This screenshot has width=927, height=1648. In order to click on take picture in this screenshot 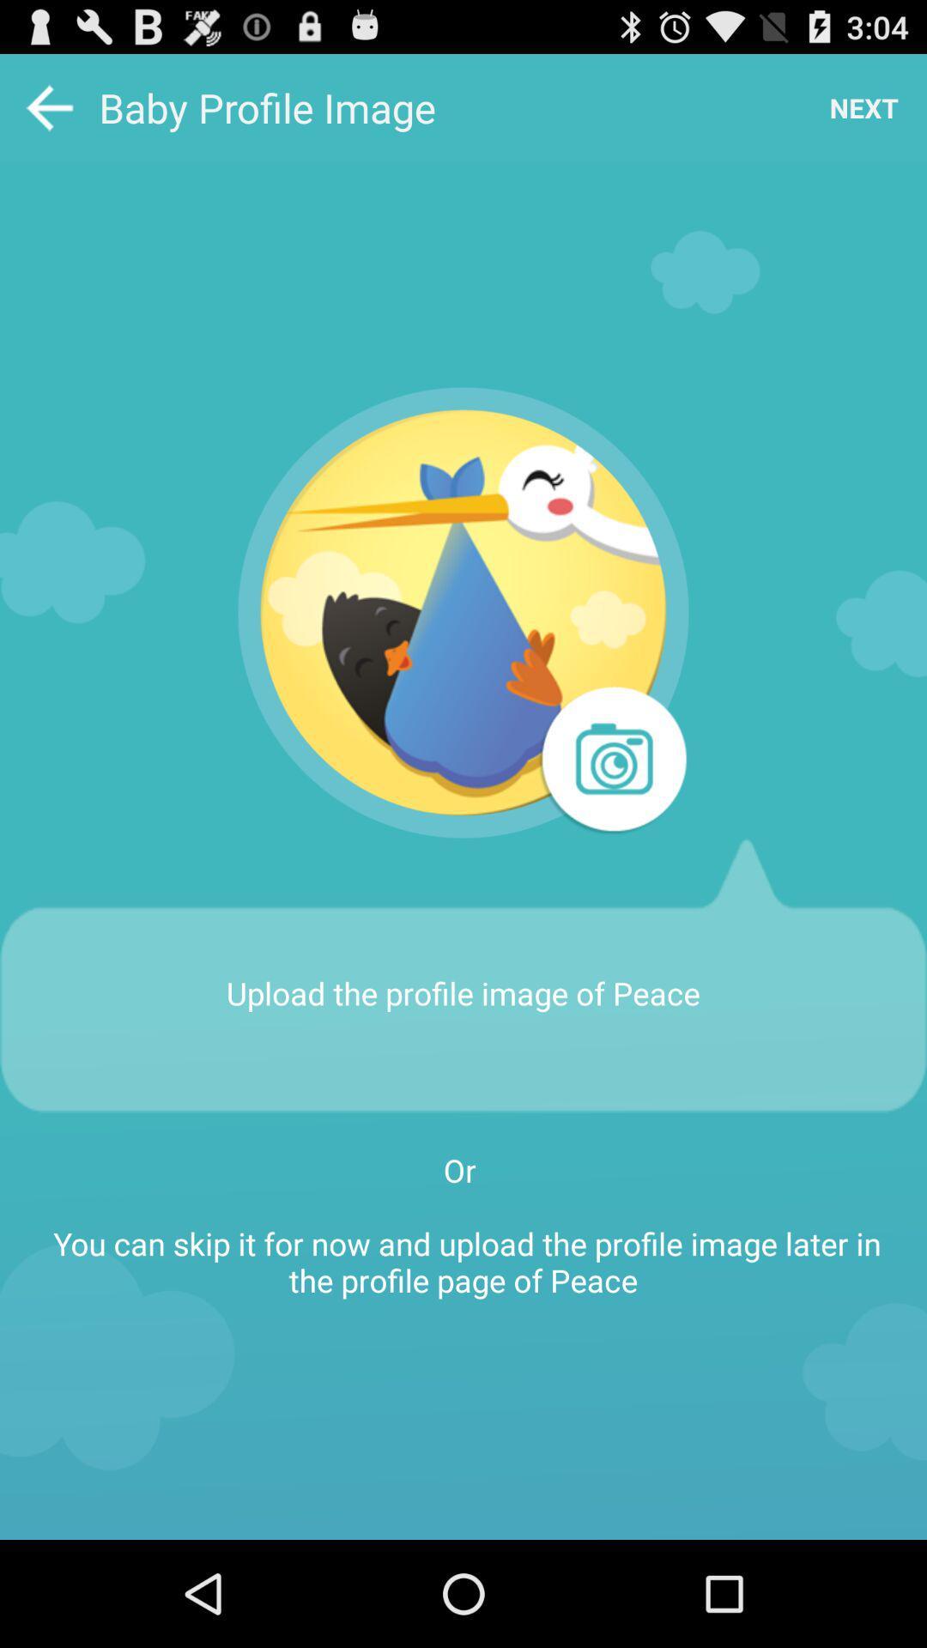, I will do `click(611, 760)`.